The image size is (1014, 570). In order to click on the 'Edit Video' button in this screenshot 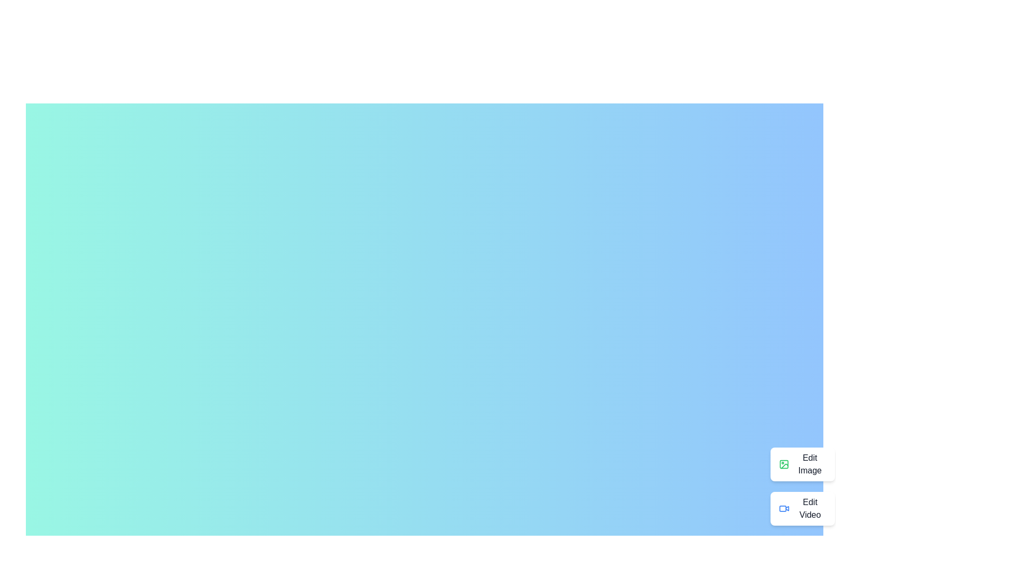, I will do `click(802, 508)`.